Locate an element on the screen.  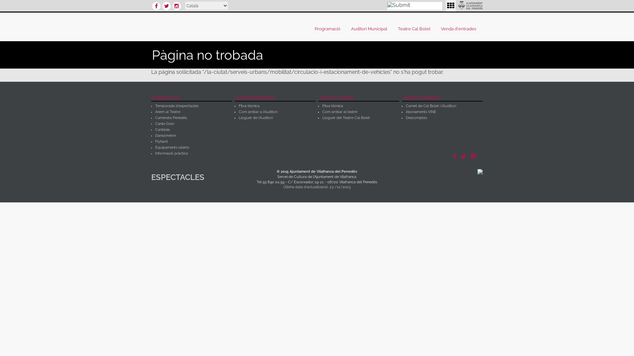
'Temporada d'espectacles' is located at coordinates (177, 105).